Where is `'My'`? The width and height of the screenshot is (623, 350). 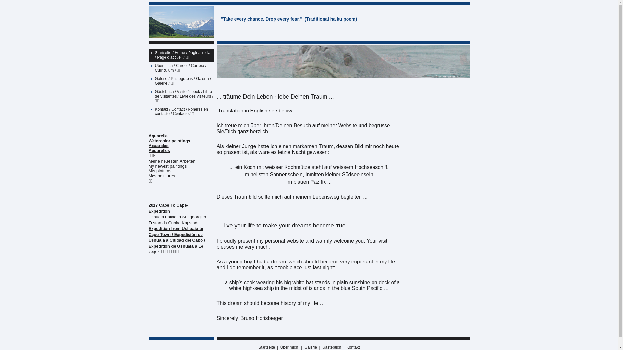 'My' is located at coordinates (151, 166).